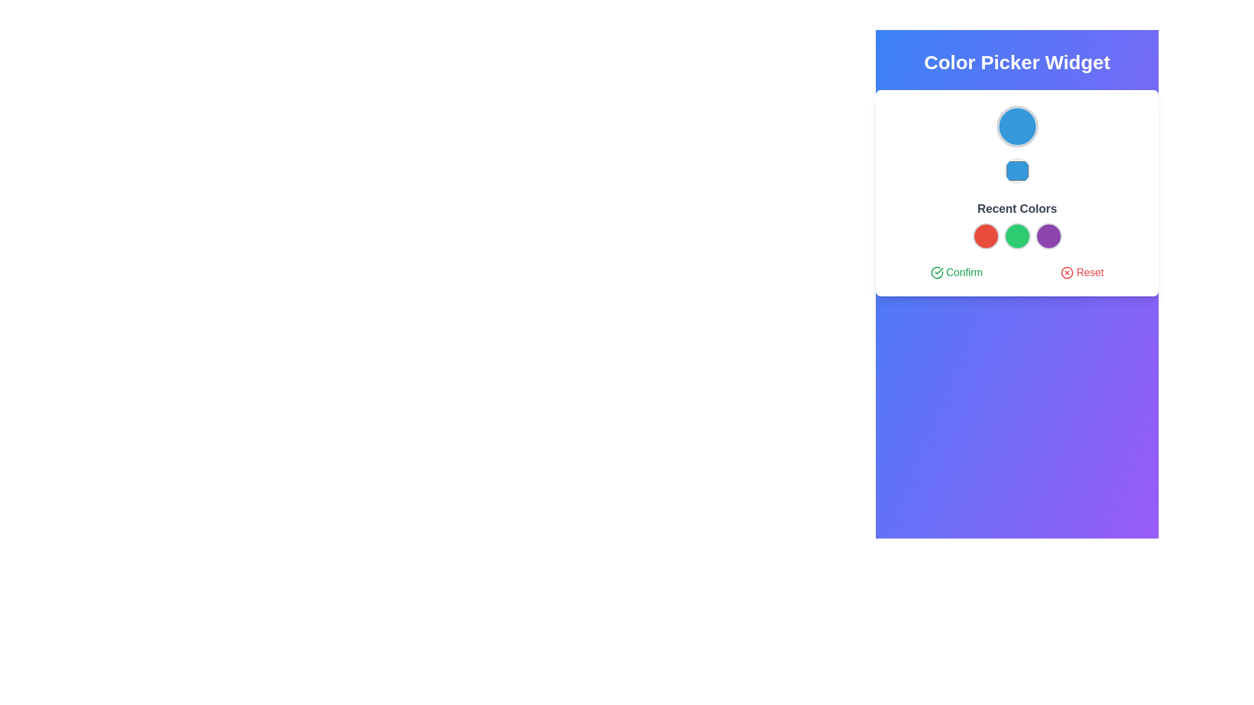 The height and width of the screenshot is (705, 1254). I want to click on the green 'Confirm' button with a checkmark icon, so click(956, 272).